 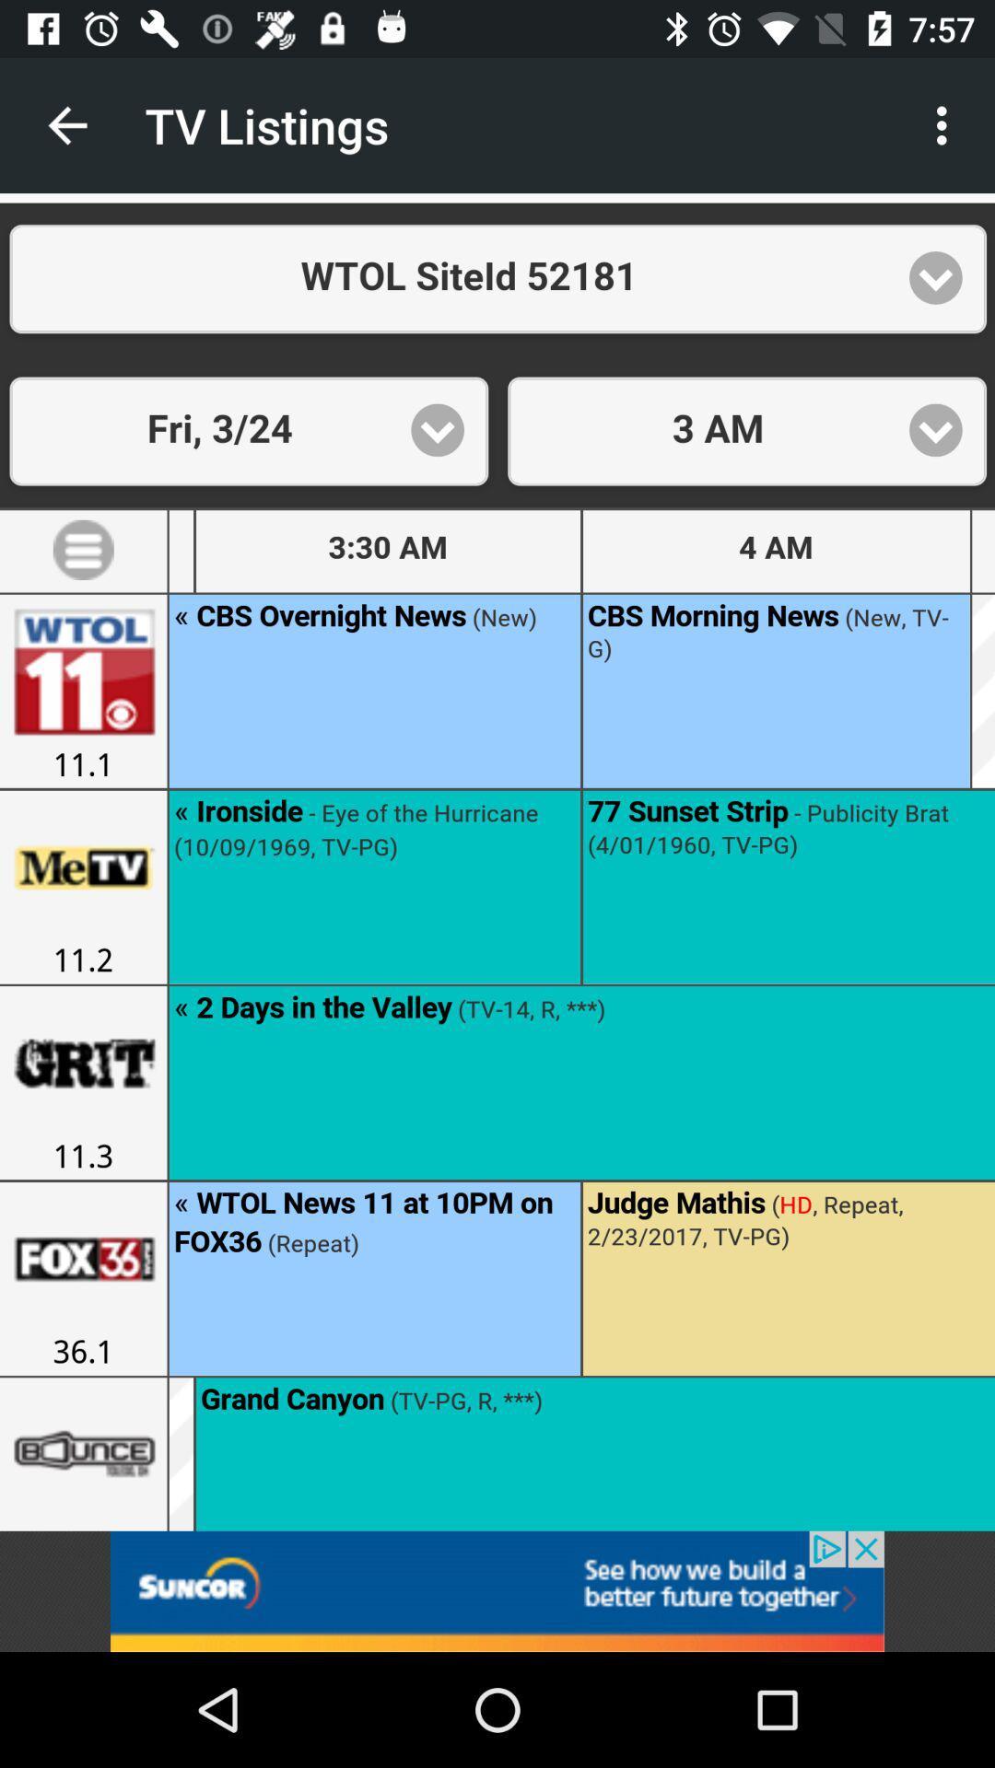 What do you see at coordinates (497, 1590) in the screenshot?
I see `new advertisement open box` at bounding box center [497, 1590].